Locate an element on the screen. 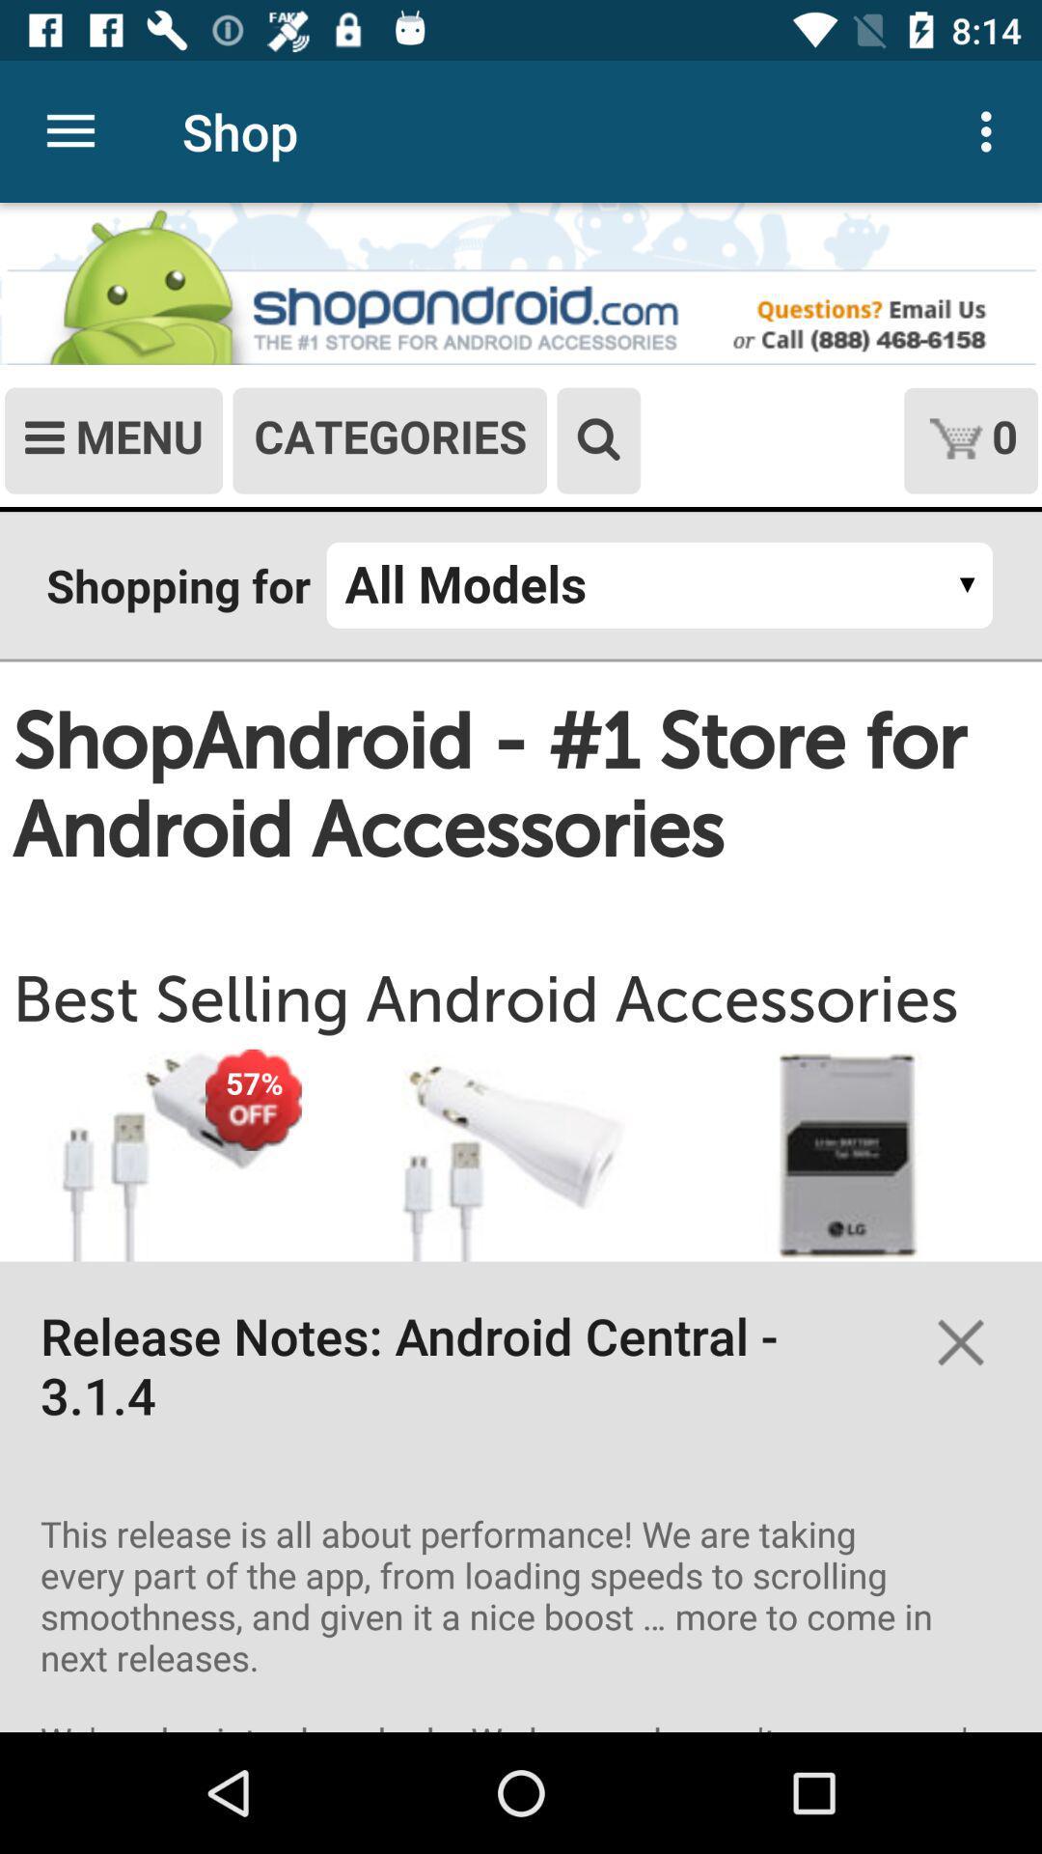 The width and height of the screenshot is (1042, 1854). screen is located at coordinates (521, 968).